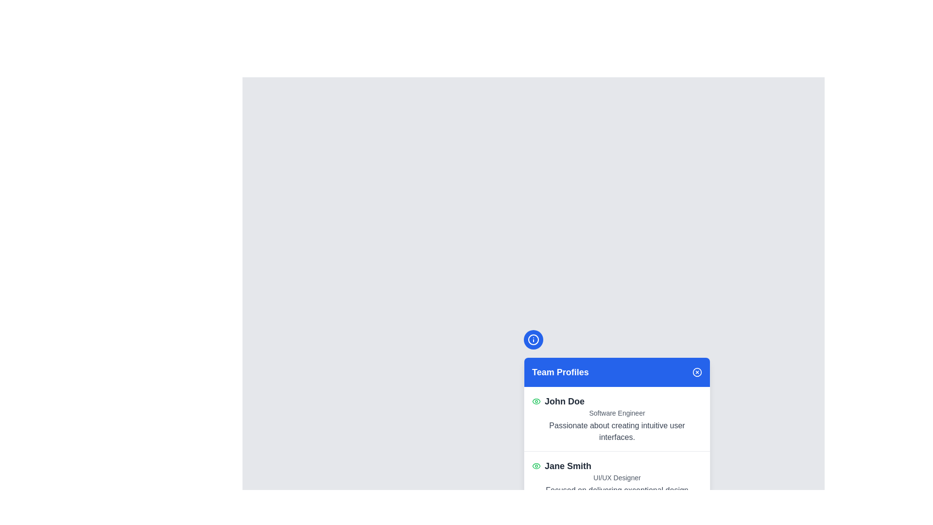 This screenshot has height=525, width=933. What do you see at coordinates (536, 401) in the screenshot?
I see `the green eye-shaped icon located to the left of the name 'John Doe' in the team profile section` at bounding box center [536, 401].